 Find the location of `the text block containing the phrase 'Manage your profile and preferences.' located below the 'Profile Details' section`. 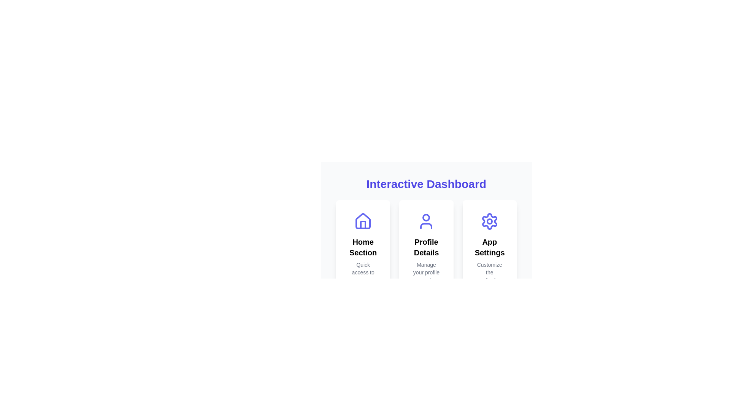

the text block containing the phrase 'Manage your profile and preferences.' located below the 'Profile Details' section is located at coordinates (426, 276).